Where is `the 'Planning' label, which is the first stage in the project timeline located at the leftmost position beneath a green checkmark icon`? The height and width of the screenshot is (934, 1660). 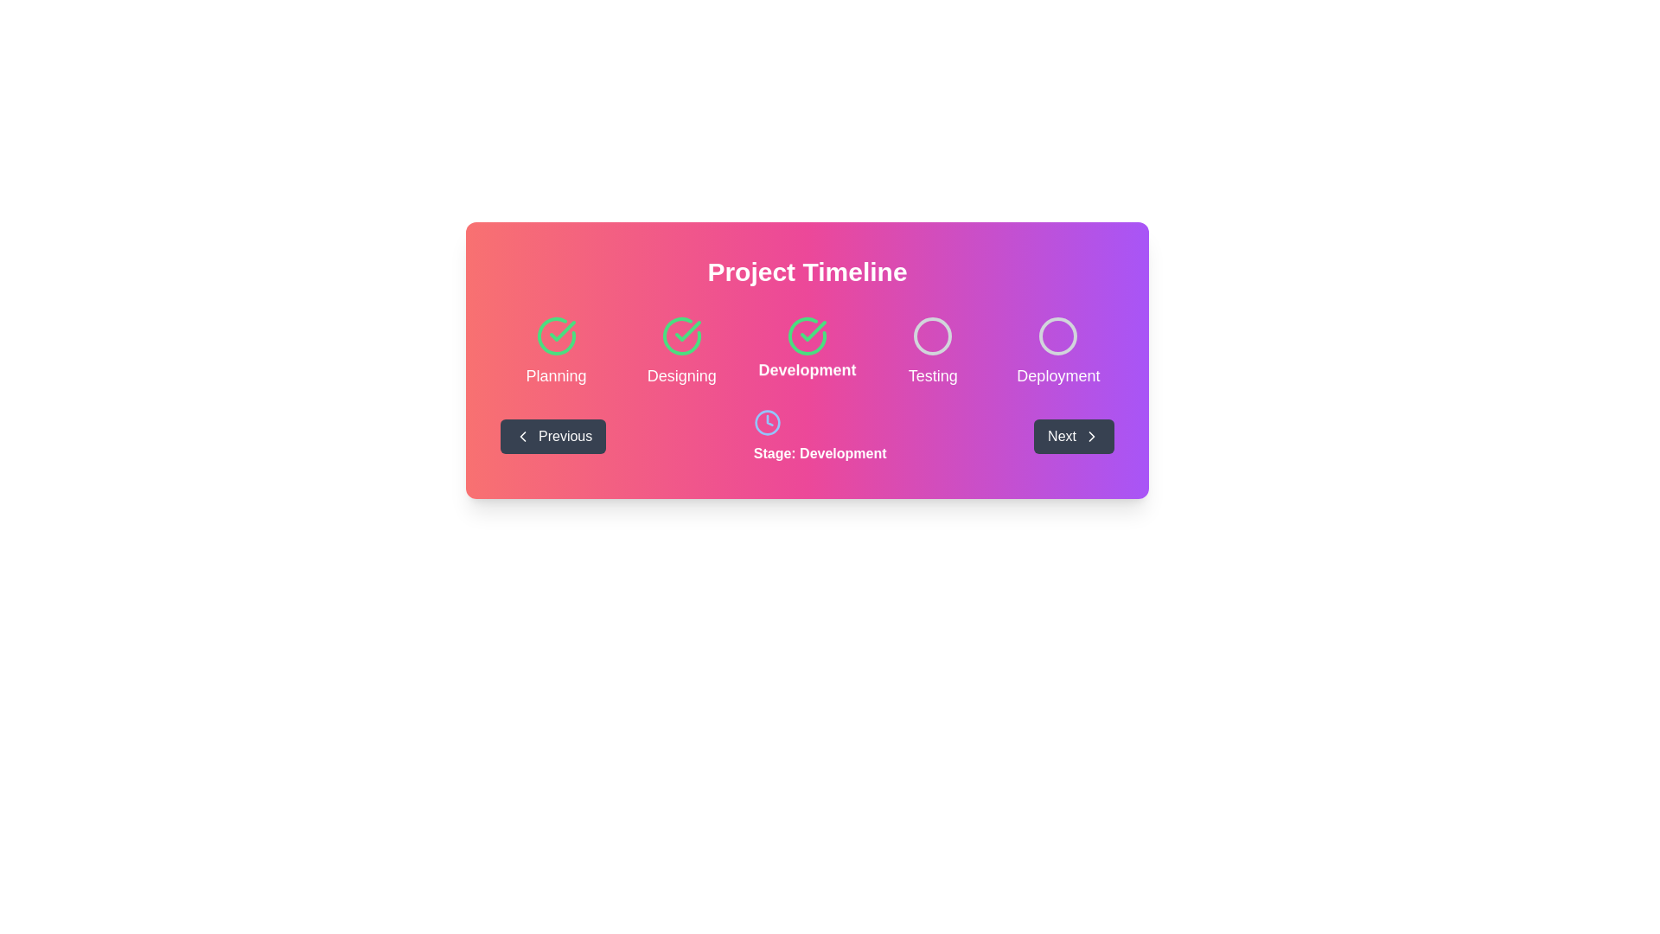
the 'Planning' label, which is the first stage in the project timeline located at the leftmost position beneath a green checkmark icon is located at coordinates (556, 375).